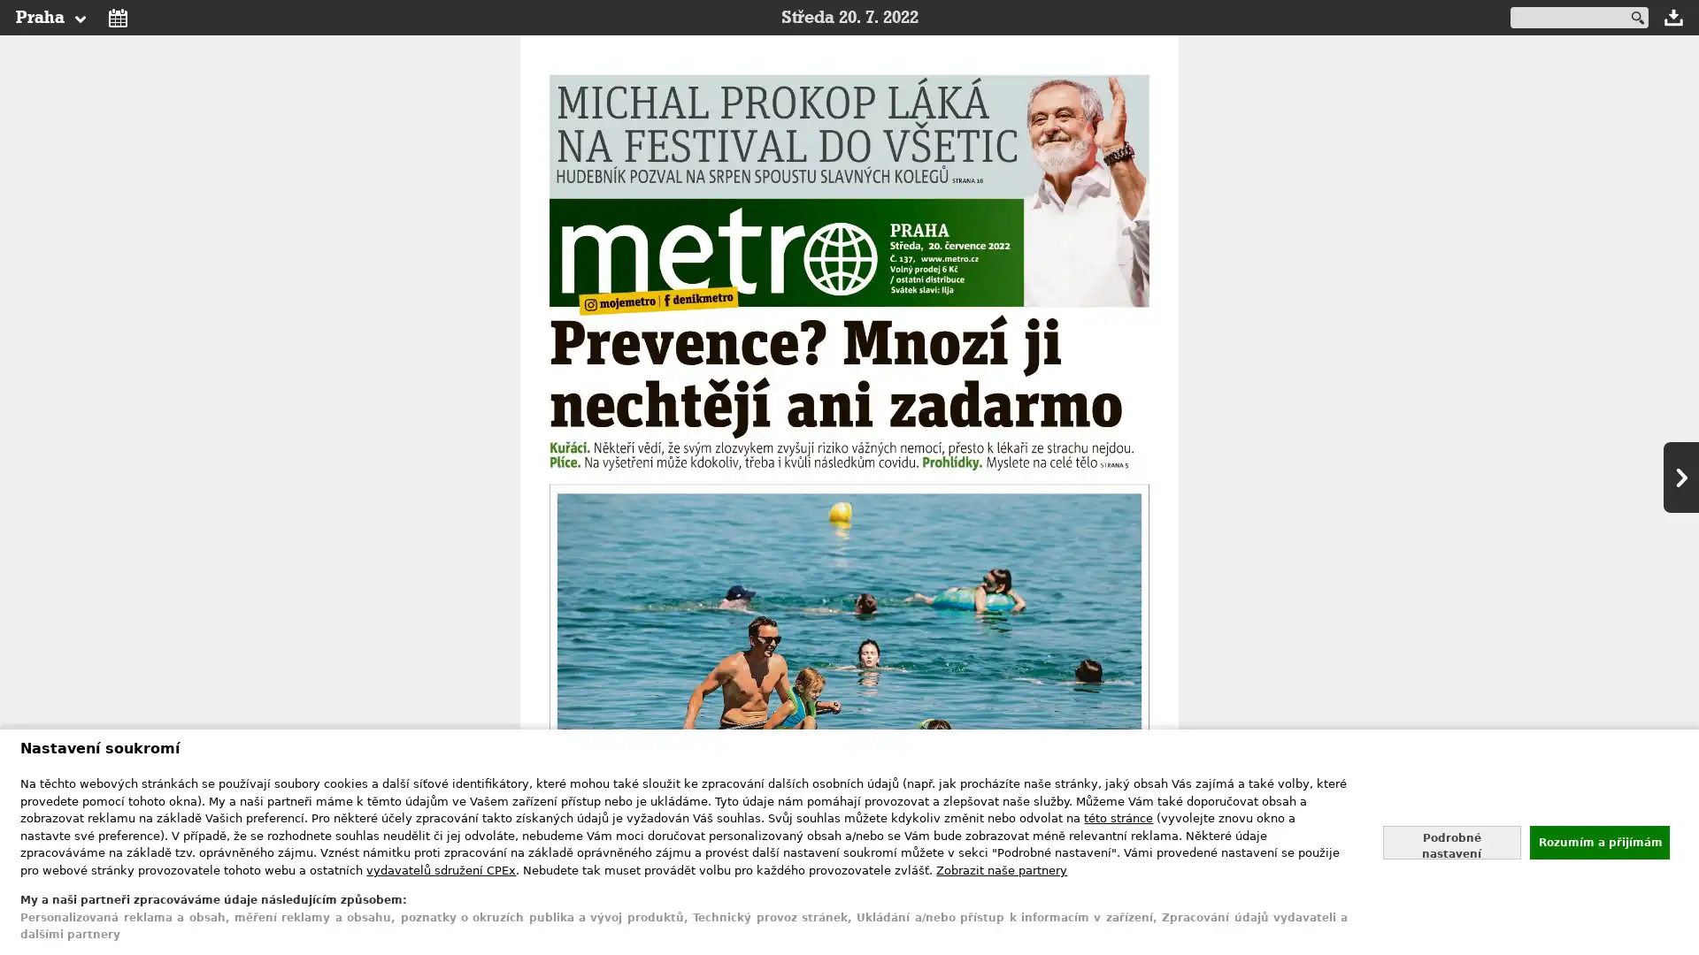 Image resolution: width=1699 pixels, height=955 pixels. I want to click on Zobrazit nase partnery, so click(1002, 868).